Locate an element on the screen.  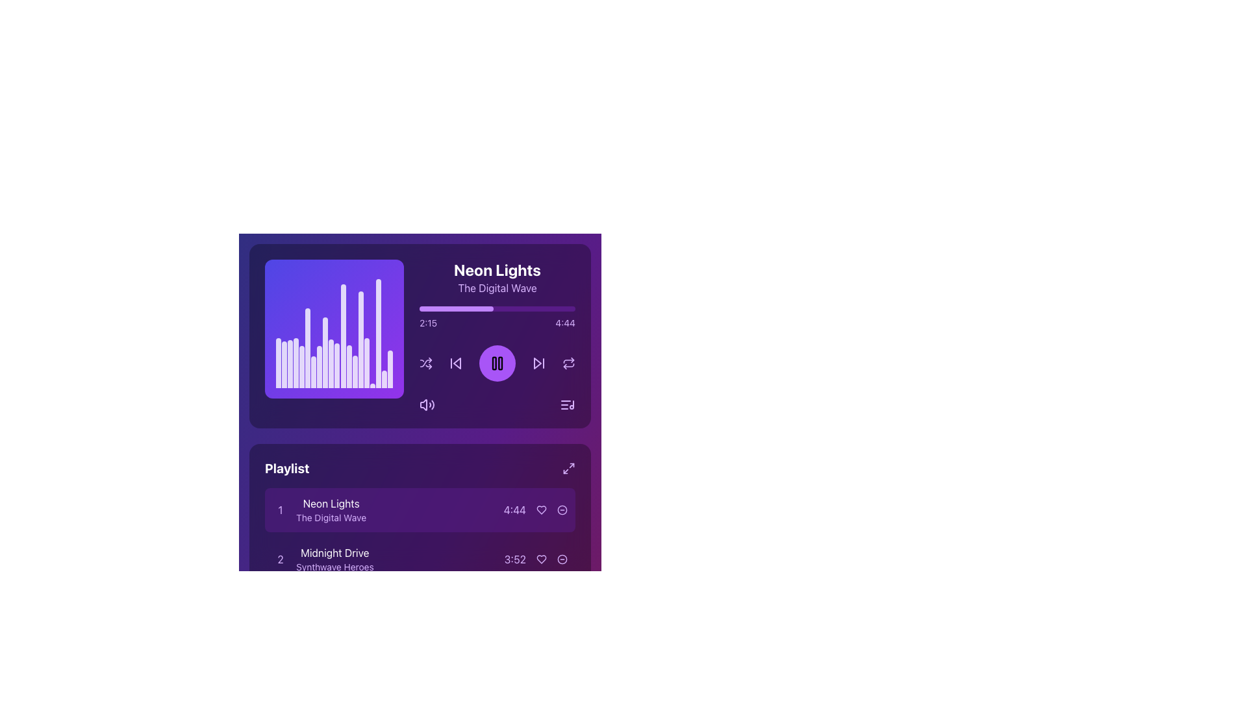
the small purple icon button resembling a diagonal arrow pointing outward in the 'Playlist' section to change its color is located at coordinates (568, 468).